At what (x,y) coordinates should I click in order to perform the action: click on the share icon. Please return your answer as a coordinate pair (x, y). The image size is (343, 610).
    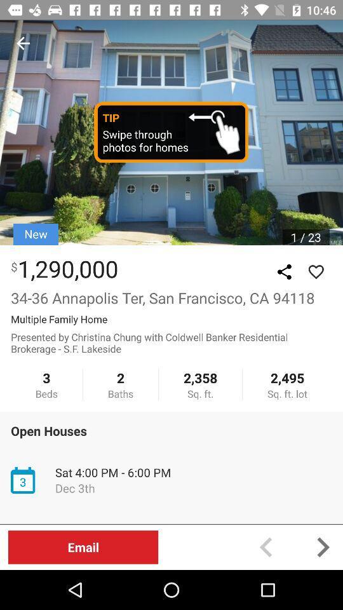
    Looking at the image, I should click on (284, 272).